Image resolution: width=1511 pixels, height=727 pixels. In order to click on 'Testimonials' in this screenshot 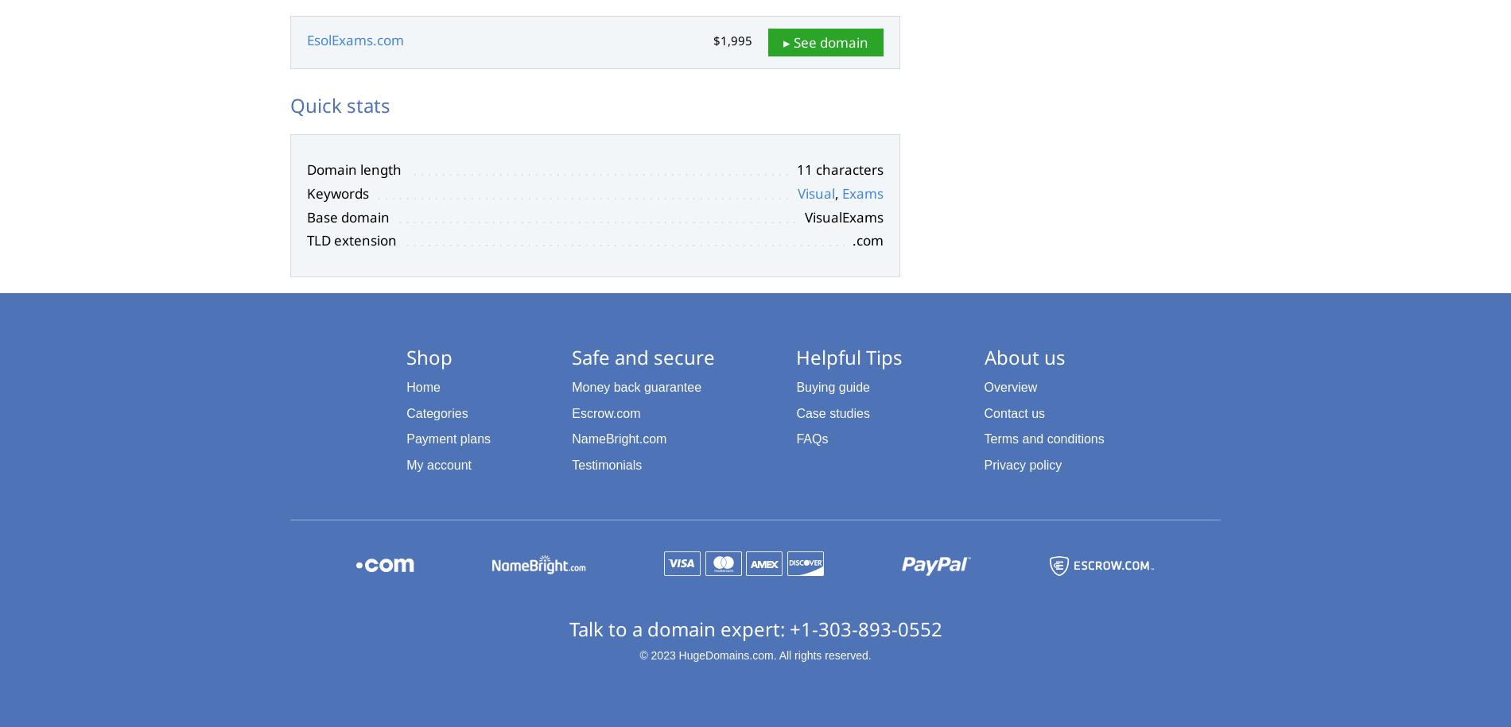, I will do `click(570, 464)`.